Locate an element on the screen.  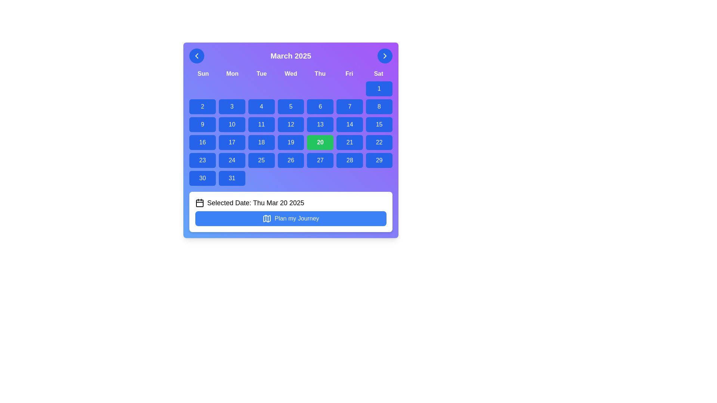
the right-pointing chevron icon embedded within the blue circular button located at the top-right corner of the calendar interface is located at coordinates (385, 56).